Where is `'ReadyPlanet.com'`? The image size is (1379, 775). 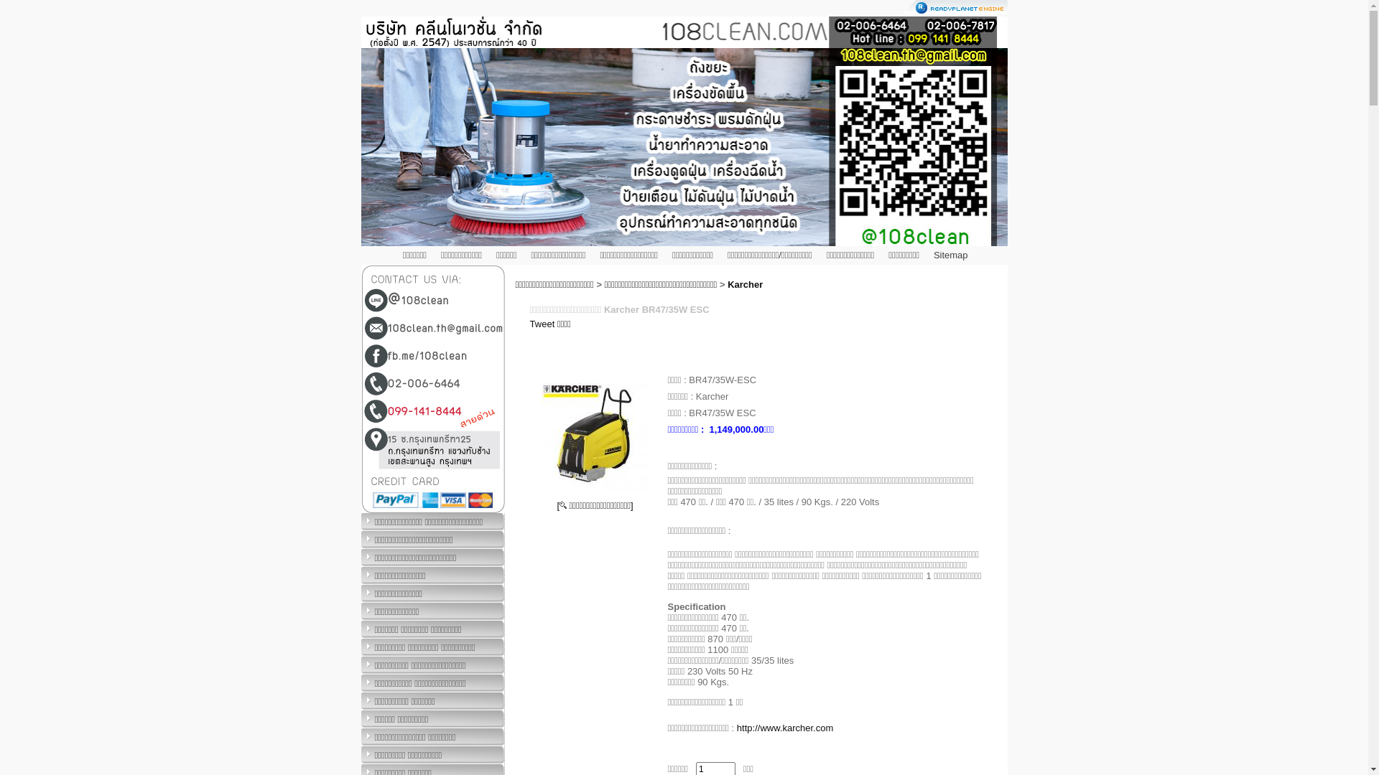
'ReadyPlanet.com' is located at coordinates (955, 7).